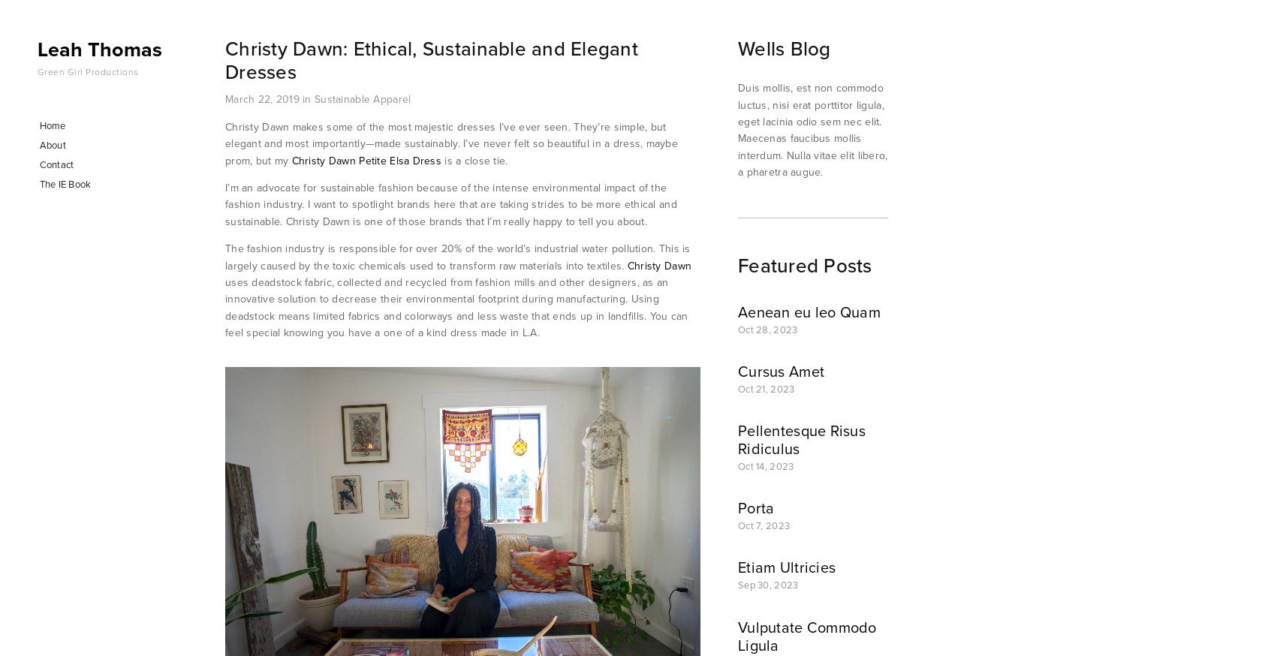 This screenshot has height=656, width=1277. I want to click on 'Etiam Ultricies', so click(786, 567).